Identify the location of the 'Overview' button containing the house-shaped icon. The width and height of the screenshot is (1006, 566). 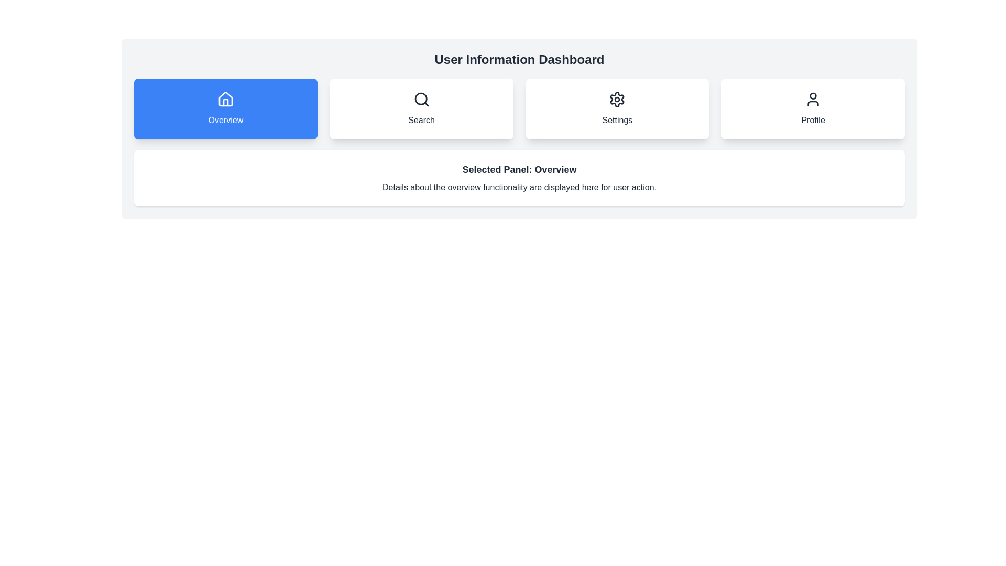
(225, 99).